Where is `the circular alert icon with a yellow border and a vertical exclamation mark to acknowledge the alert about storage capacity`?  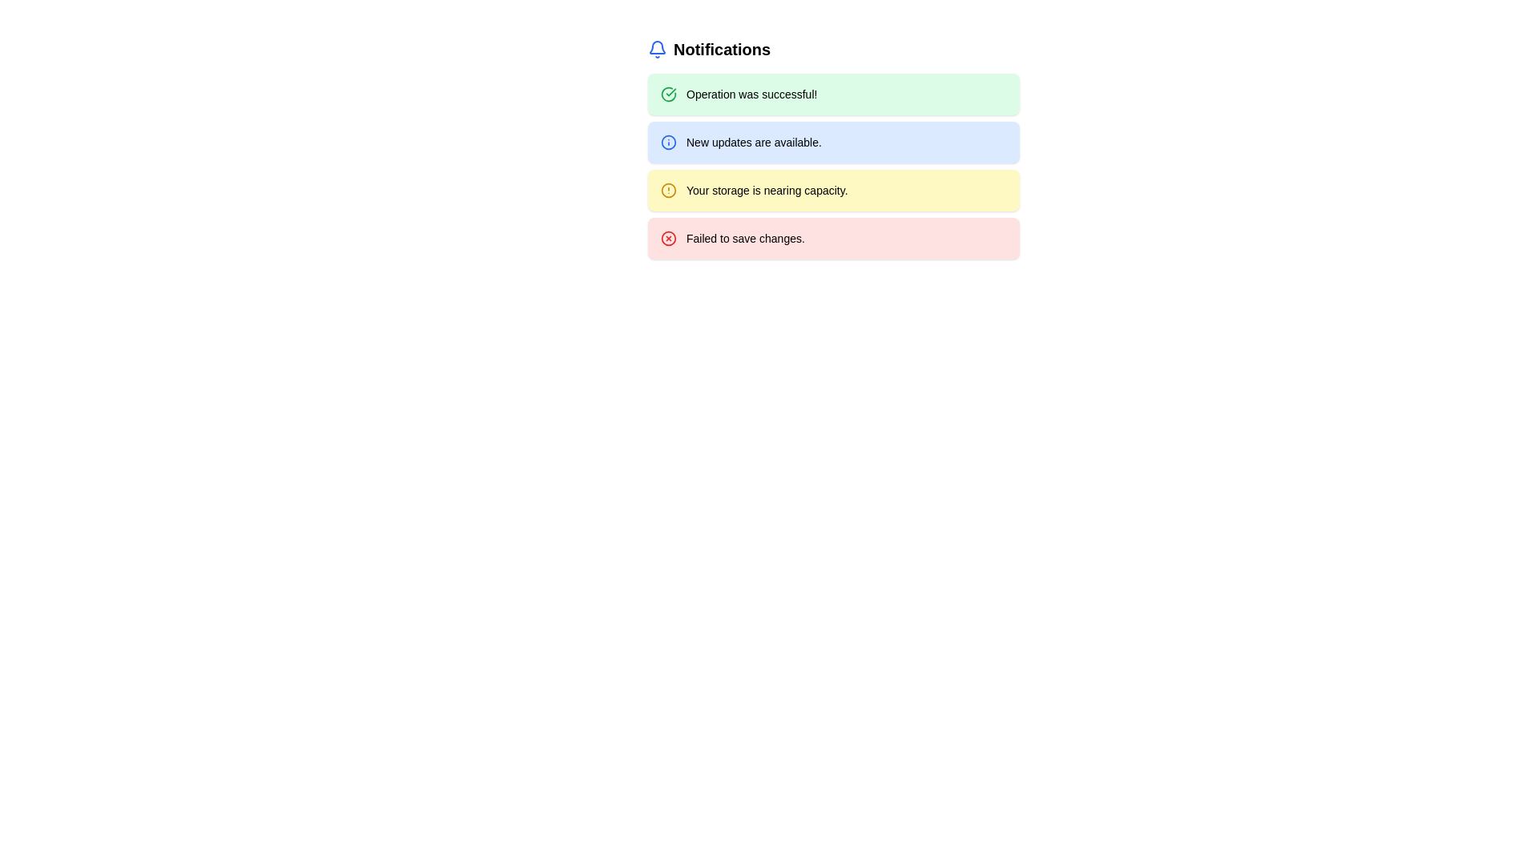
the circular alert icon with a yellow border and a vertical exclamation mark to acknowledge the alert about storage capacity is located at coordinates (669, 190).